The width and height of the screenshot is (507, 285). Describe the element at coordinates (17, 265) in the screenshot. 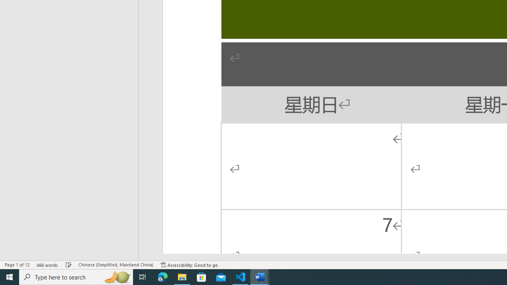

I see `'Page Number Page 1 of 12'` at that location.